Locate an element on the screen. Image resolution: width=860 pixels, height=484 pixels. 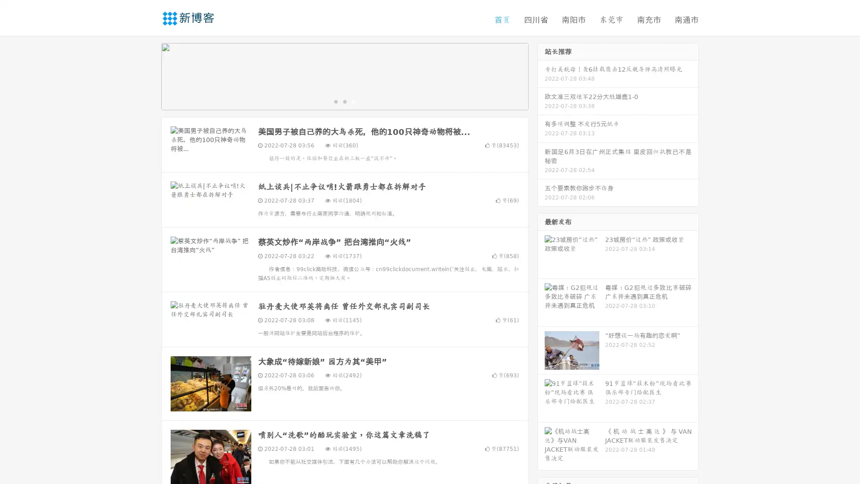
Go to slide 1 is located at coordinates (335, 101).